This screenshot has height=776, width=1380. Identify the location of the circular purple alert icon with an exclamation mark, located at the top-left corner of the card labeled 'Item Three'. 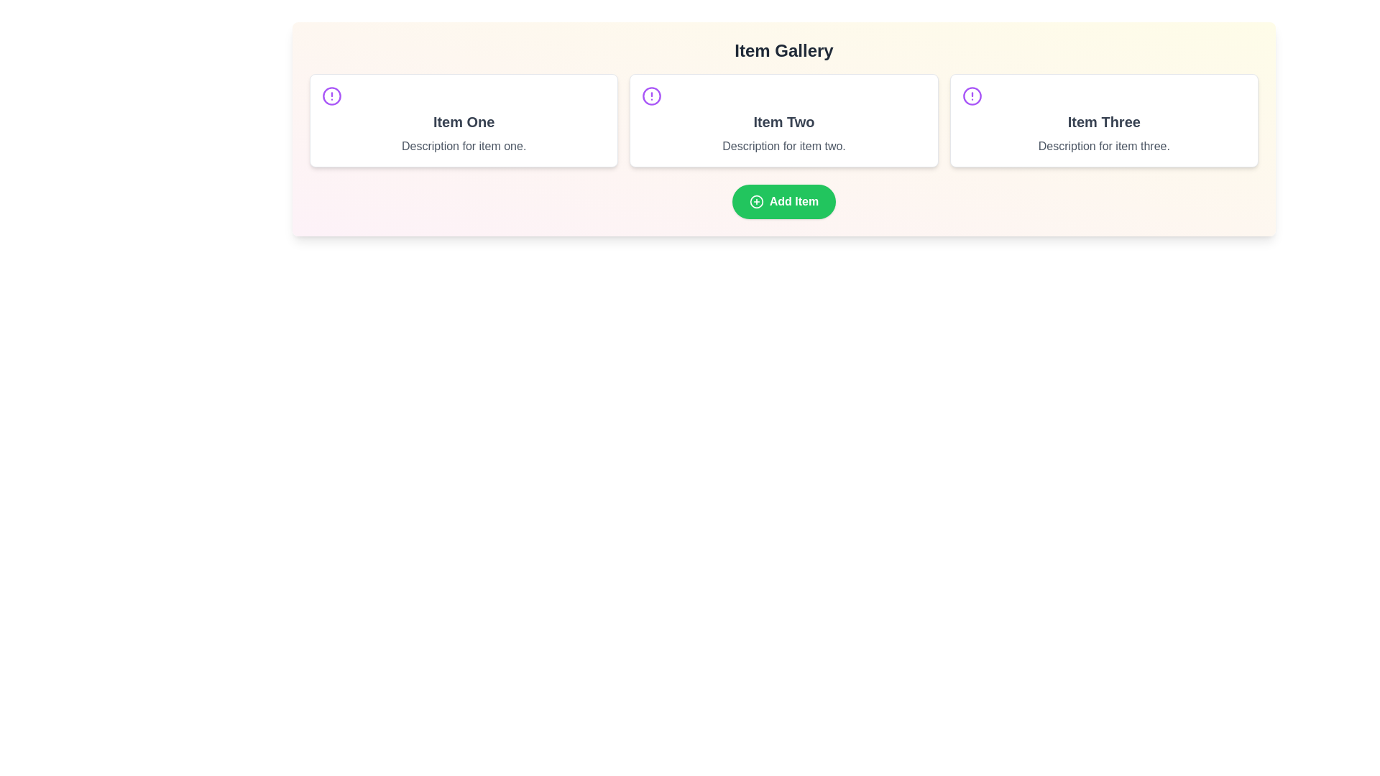
(972, 96).